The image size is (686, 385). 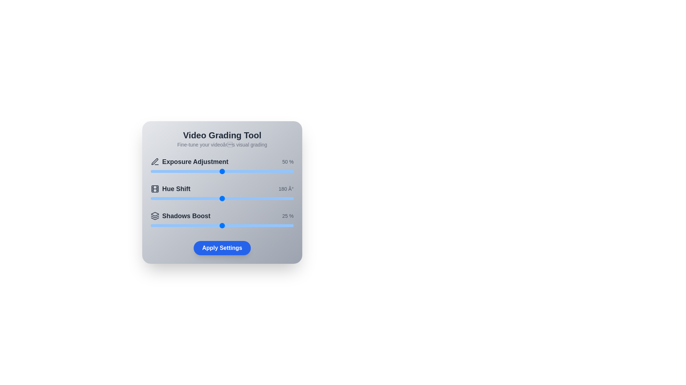 What do you see at coordinates (154, 161) in the screenshot?
I see `the design of the vector graphic icon resembling a pen tip, which has a grey outline and is located in the toolbar section of the interface` at bounding box center [154, 161].